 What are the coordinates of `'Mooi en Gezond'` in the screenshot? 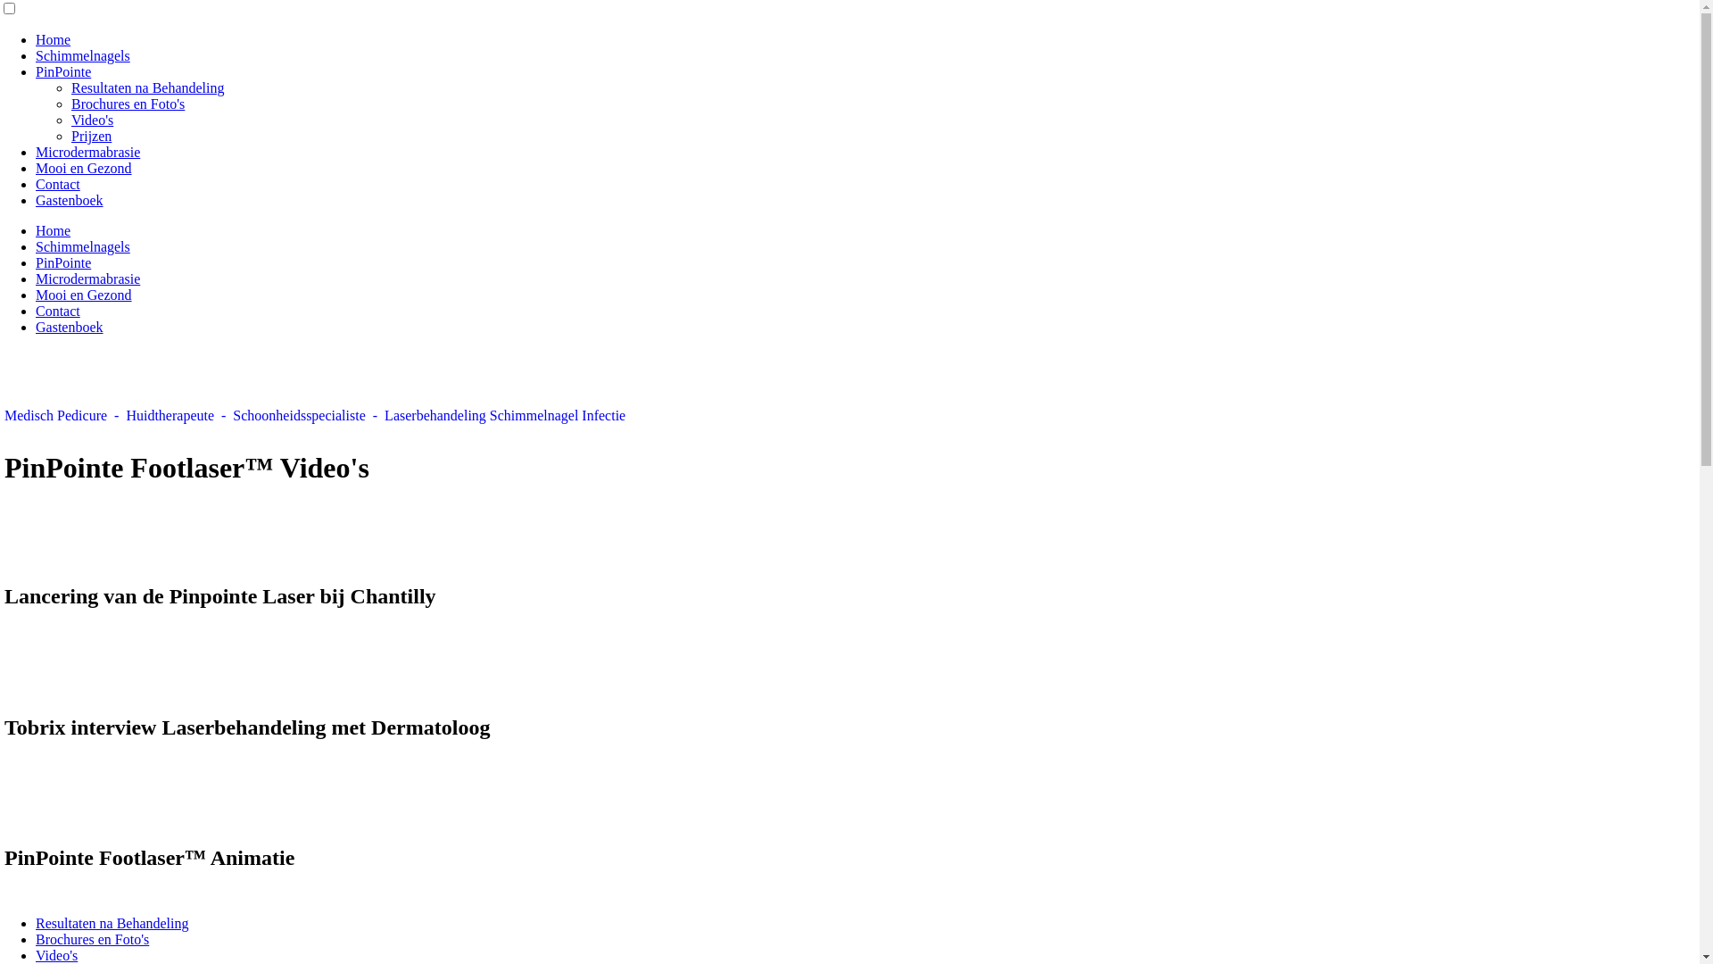 It's located at (83, 168).